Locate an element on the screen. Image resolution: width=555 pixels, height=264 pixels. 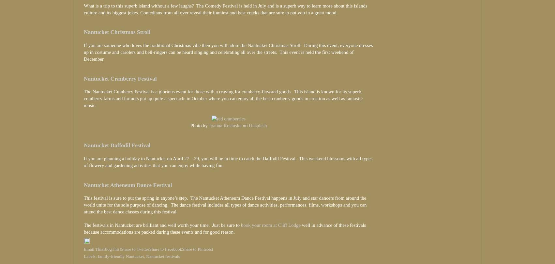
'Joanna Kosinska' is located at coordinates (225, 126).